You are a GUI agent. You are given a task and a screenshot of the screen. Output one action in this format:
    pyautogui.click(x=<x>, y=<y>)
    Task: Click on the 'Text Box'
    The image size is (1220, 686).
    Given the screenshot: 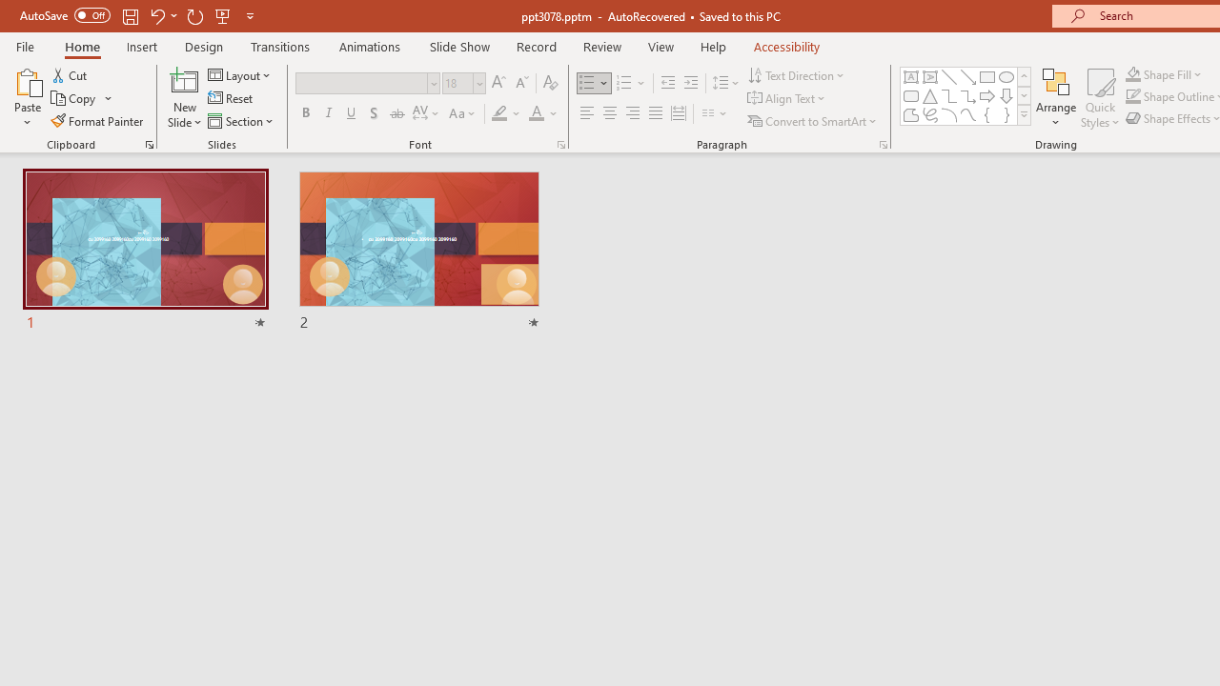 What is the action you would take?
    pyautogui.click(x=910, y=76)
    